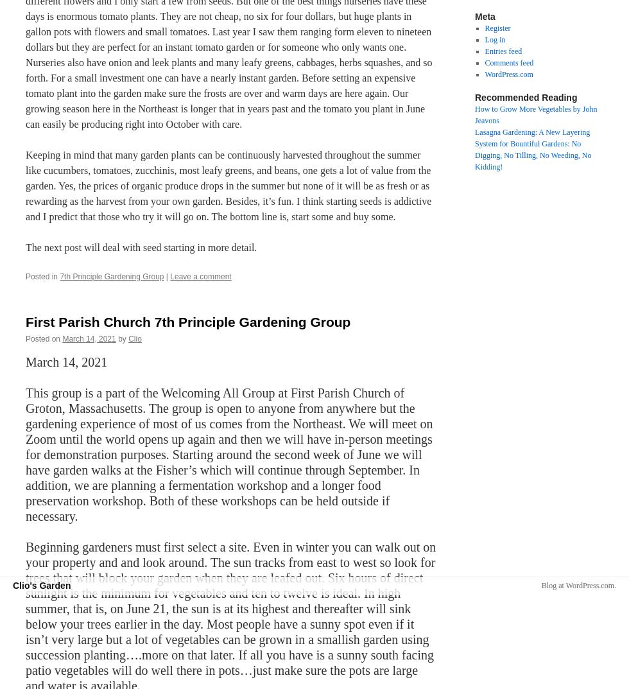 This screenshot has width=629, height=689. What do you see at coordinates (535, 114) in the screenshot?
I see `'How to Grow More Vegetables by John Jeavons'` at bounding box center [535, 114].